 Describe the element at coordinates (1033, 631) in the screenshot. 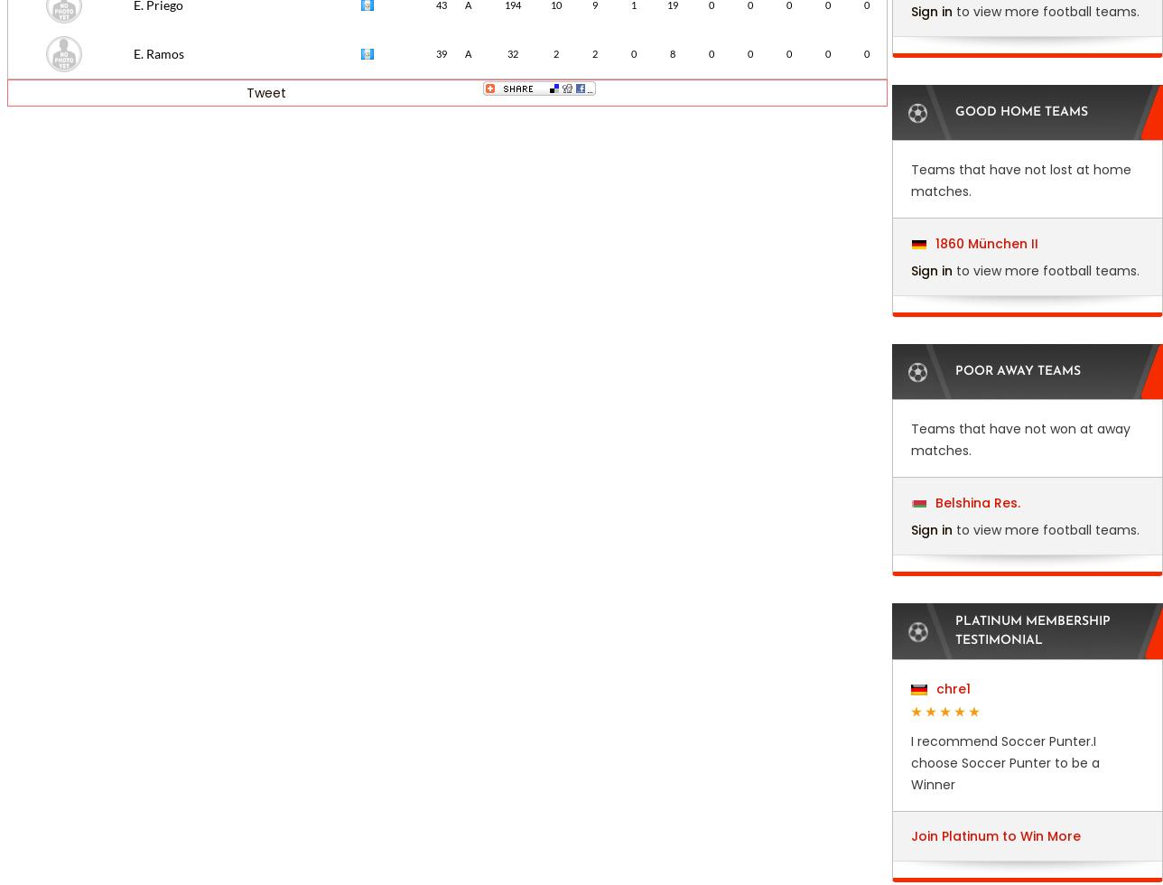

I see `'Platinum Membership Testimonial'` at that location.